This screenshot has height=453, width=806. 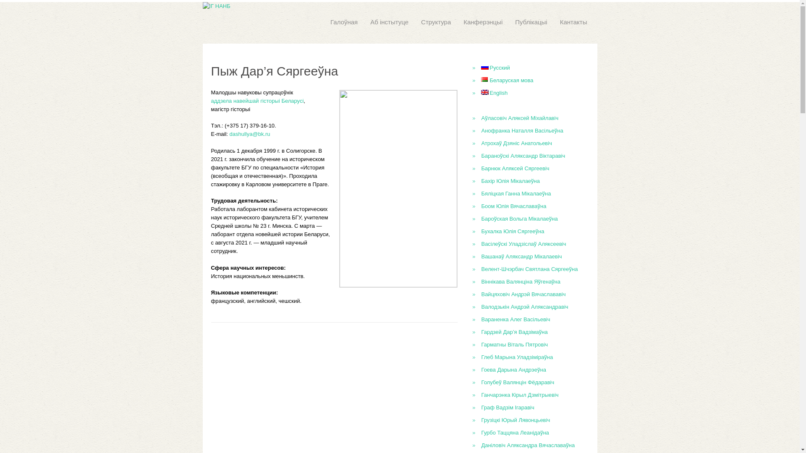 What do you see at coordinates (249, 133) in the screenshot?
I see `'dashullya@bk.ru'` at bounding box center [249, 133].